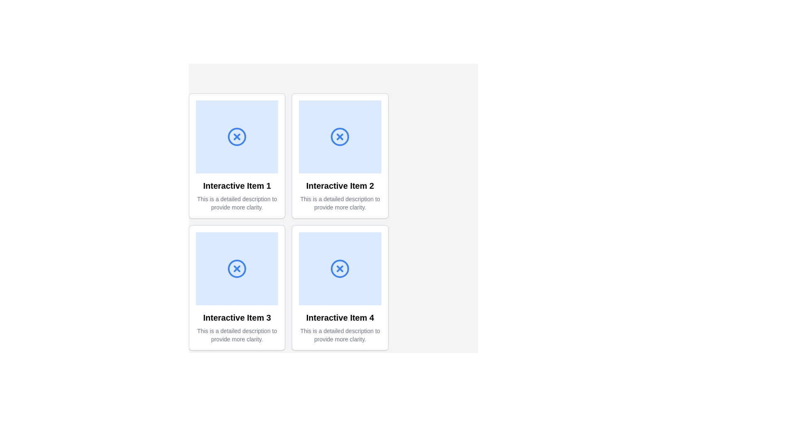 The image size is (797, 448). I want to click on the cross-shaped icon within the circular outline, located in the top-right card labeled 'Interactive Item 2', so click(340, 136).